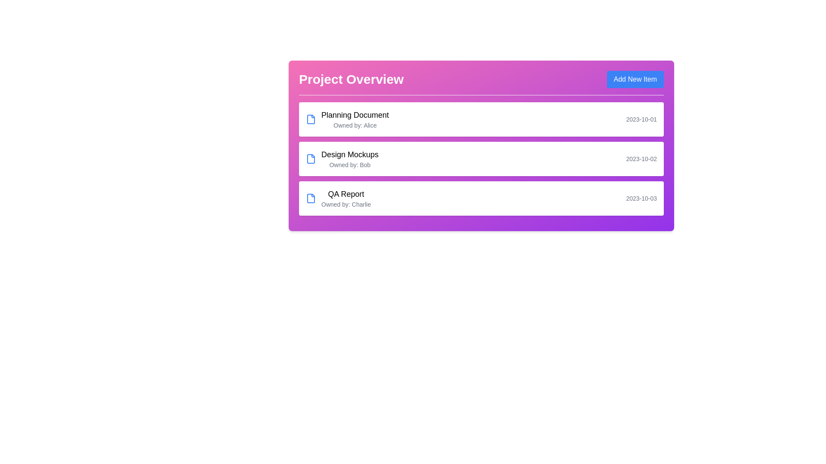 Image resolution: width=826 pixels, height=464 pixels. Describe the element at coordinates (635, 79) in the screenshot. I see `the 'Add New Item' button located at the top-right corner of the 'Project Overview' section` at that location.